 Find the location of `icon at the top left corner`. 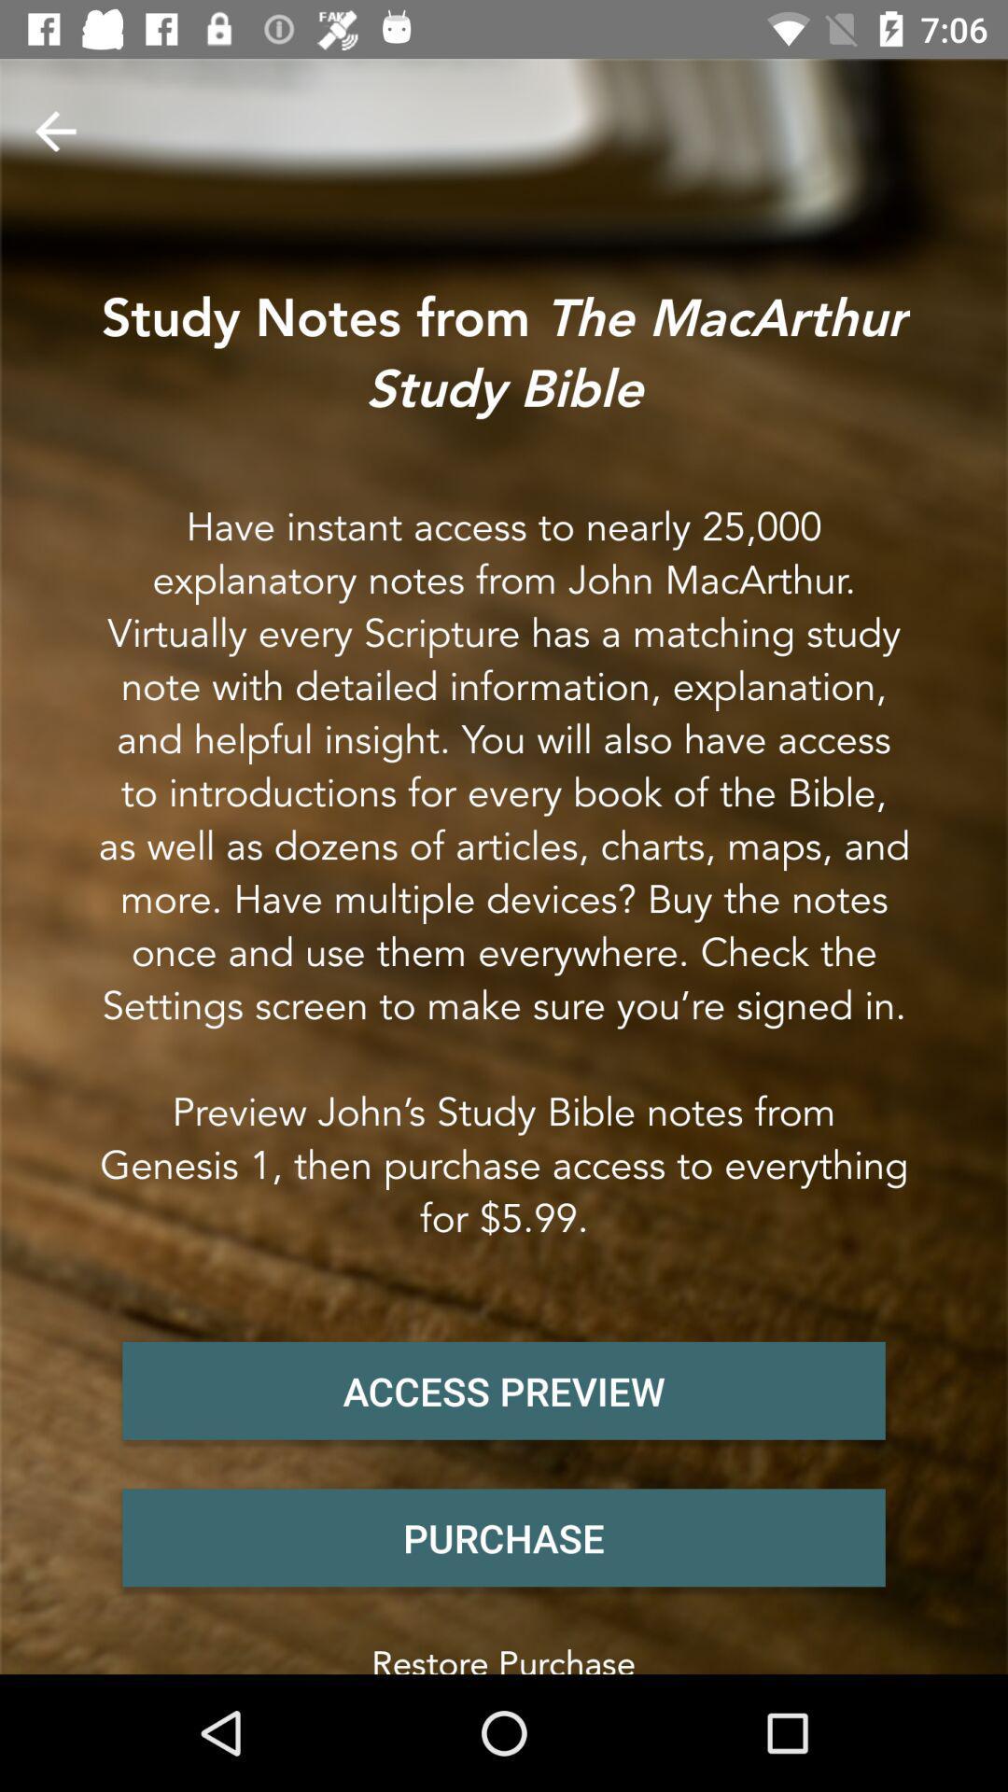

icon at the top left corner is located at coordinates (54, 130).